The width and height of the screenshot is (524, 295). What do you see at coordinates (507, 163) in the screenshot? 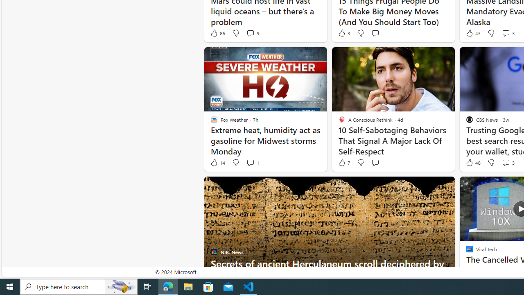
I see `'View comments 3 Comment'` at bounding box center [507, 163].